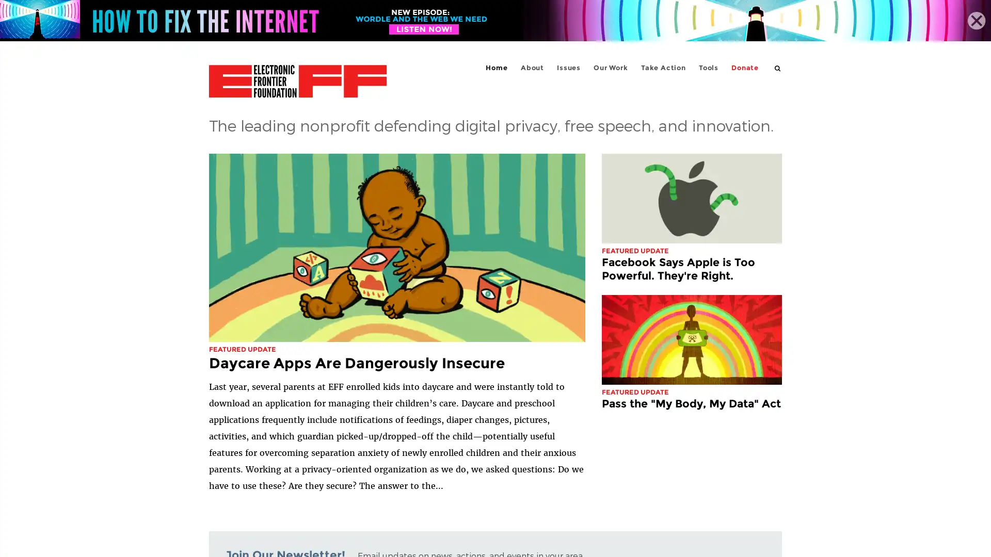  I want to click on search, so click(778, 68).